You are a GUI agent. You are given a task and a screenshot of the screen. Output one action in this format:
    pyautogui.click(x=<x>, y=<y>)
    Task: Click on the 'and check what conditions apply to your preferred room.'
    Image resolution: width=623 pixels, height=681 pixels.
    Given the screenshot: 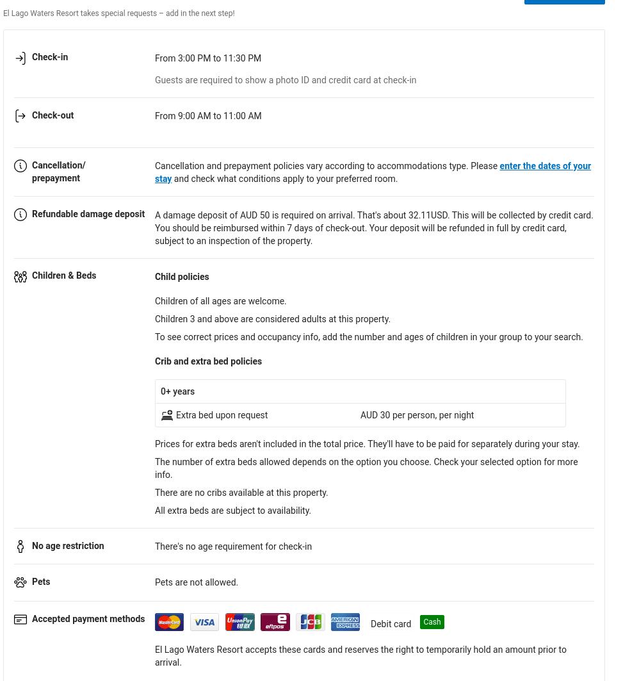 What is the action you would take?
    pyautogui.click(x=284, y=179)
    